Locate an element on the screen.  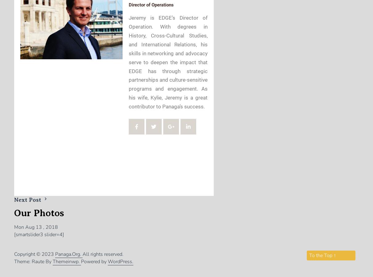
'Director of Operations' is located at coordinates (151, 4).